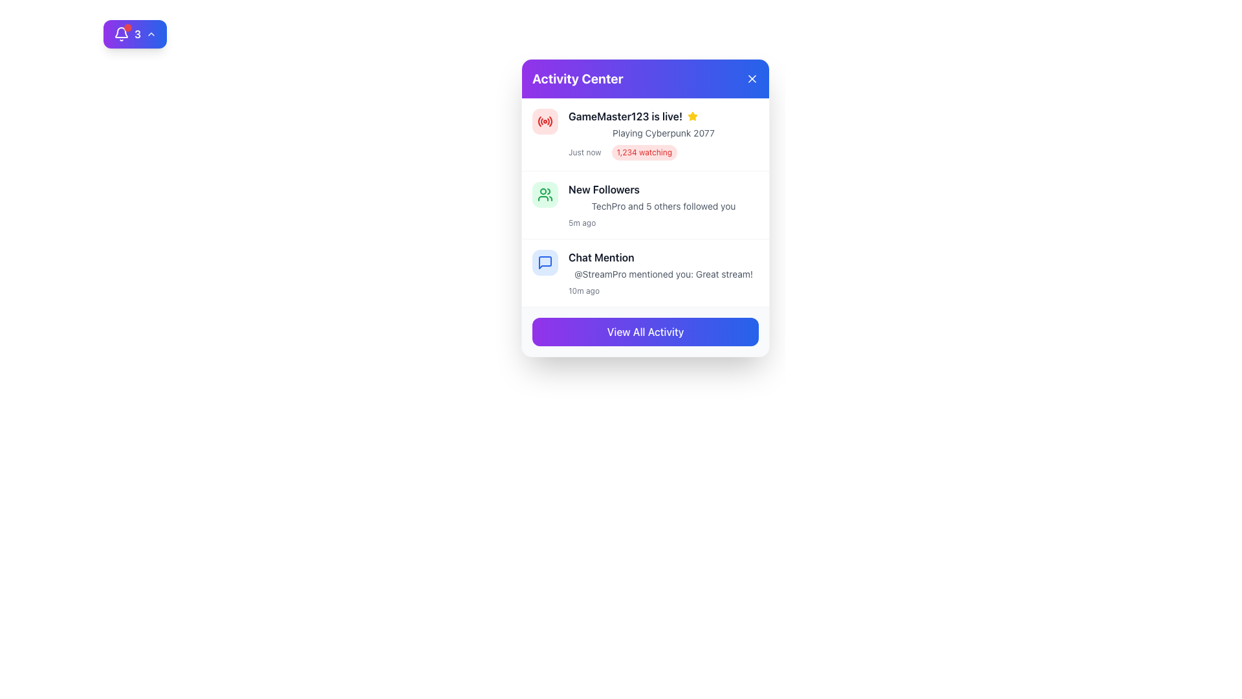 The height and width of the screenshot is (699, 1242). What do you see at coordinates (646, 205) in the screenshot?
I see `the notification entry titled 'New Followers' which is the second item in the Activity Center, to navigate or highlight it` at bounding box center [646, 205].